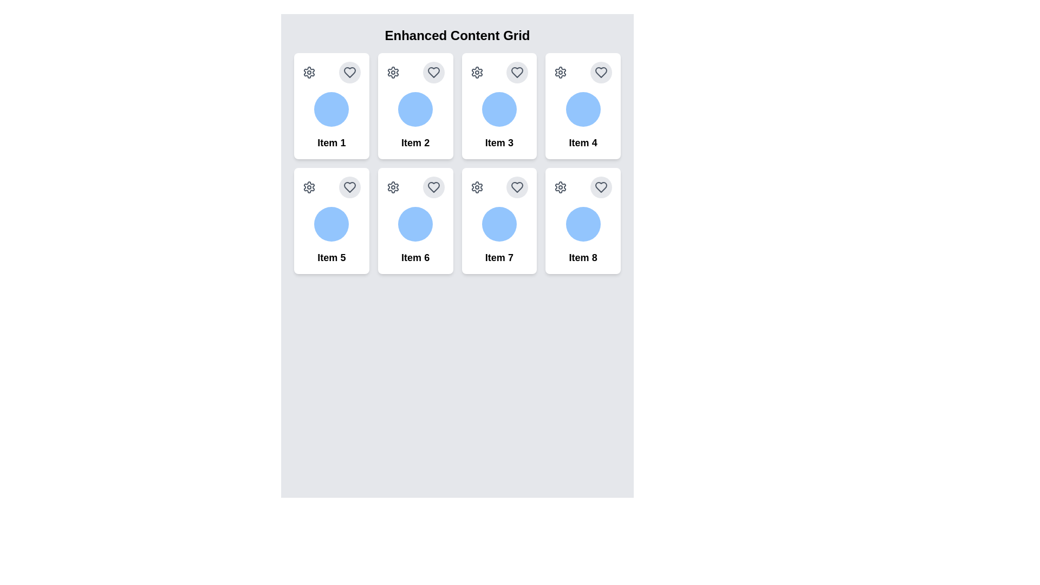  Describe the element at coordinates (600, 187) in the screenshot. I see `the circular button with a gray background and heart-shaped outline located in the top-right corner of the 'Item 8' card` at that location.